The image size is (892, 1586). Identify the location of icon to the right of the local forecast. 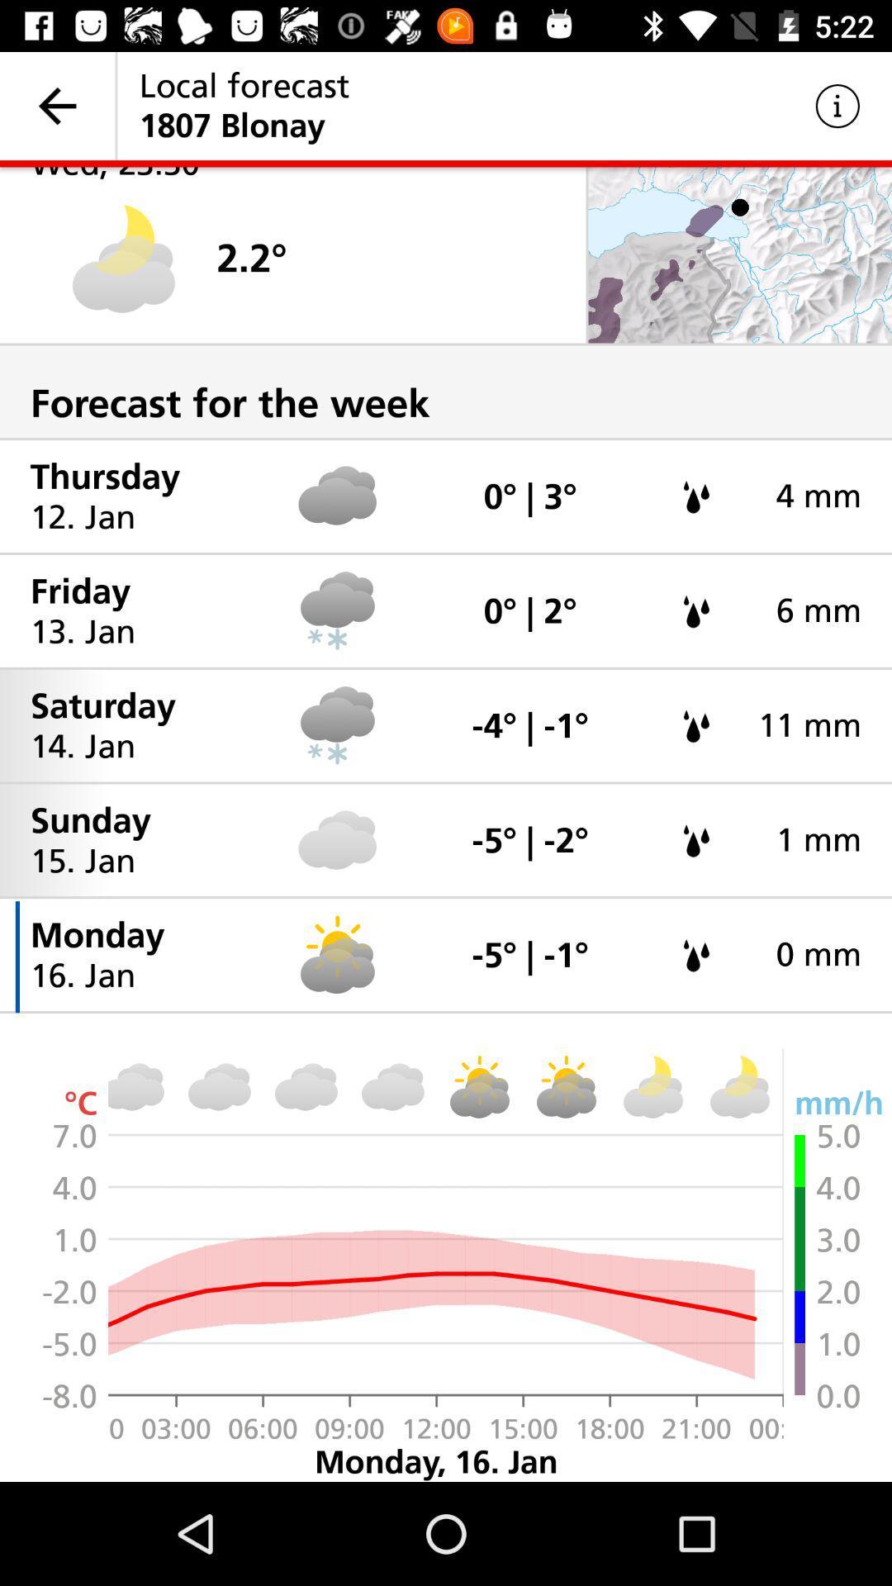
(837, 105).